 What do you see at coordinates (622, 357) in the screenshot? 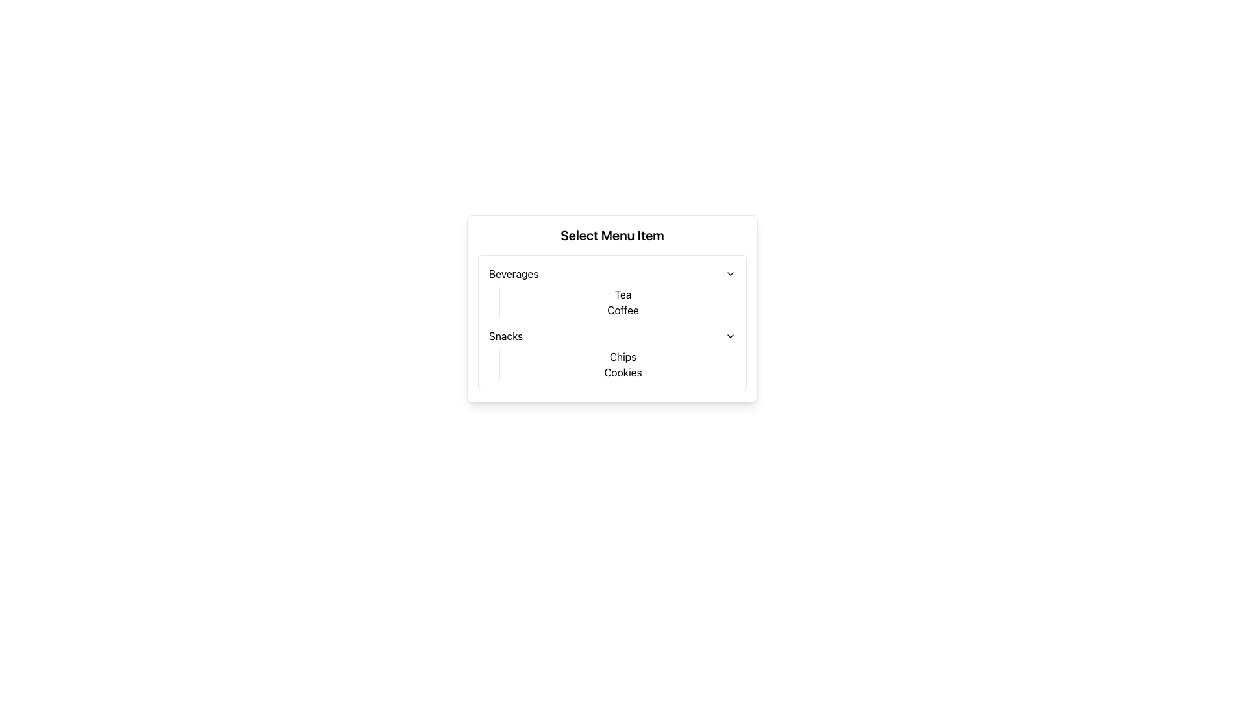
I see `the 'Chips' menu item in the 'Snacks' category` at bounding box center [622, 357].